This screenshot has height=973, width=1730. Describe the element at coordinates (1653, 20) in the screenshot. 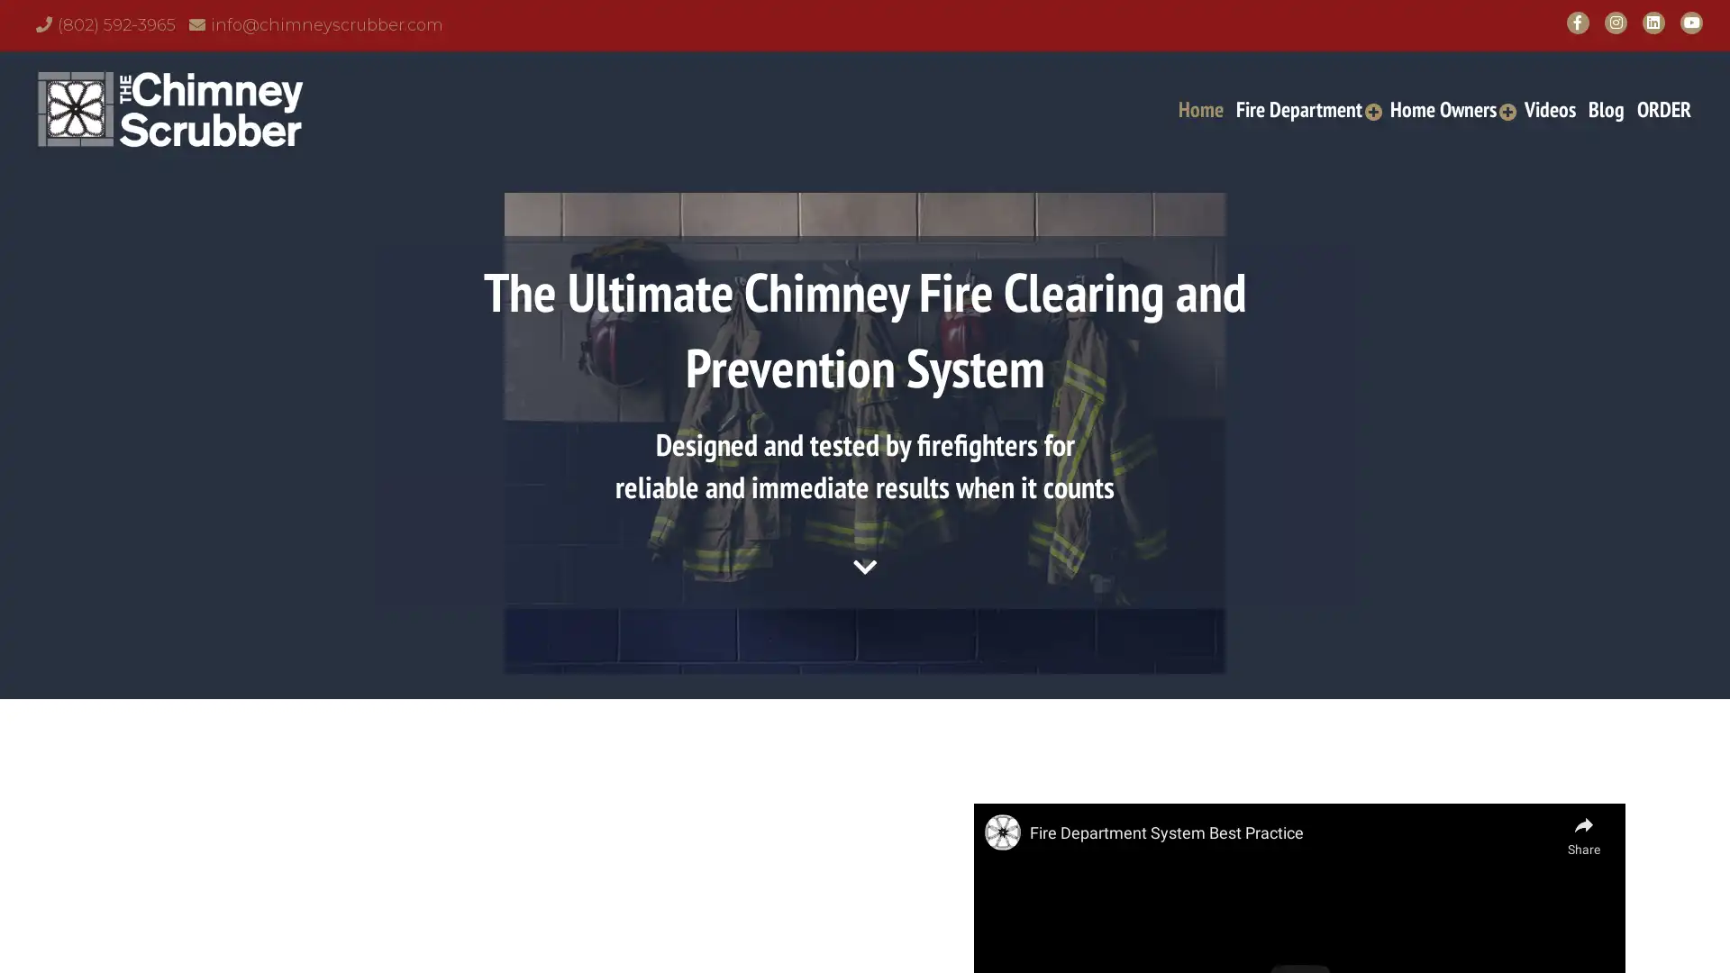

I see `LinkedIn` at that location.